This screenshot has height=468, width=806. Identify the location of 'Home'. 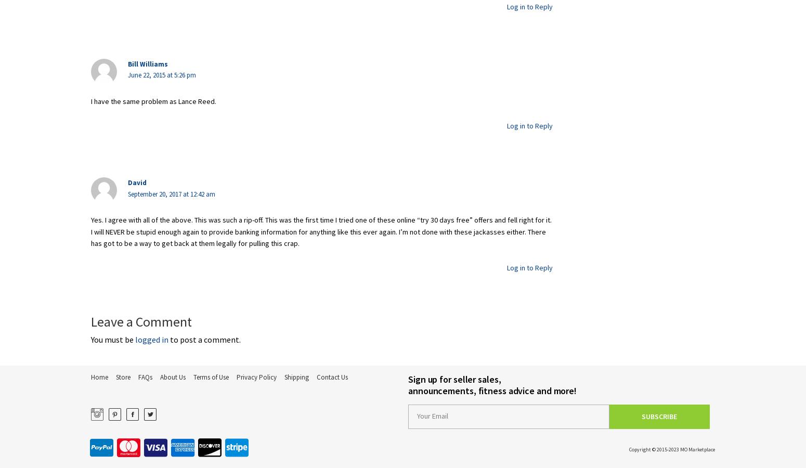
(99, 376).